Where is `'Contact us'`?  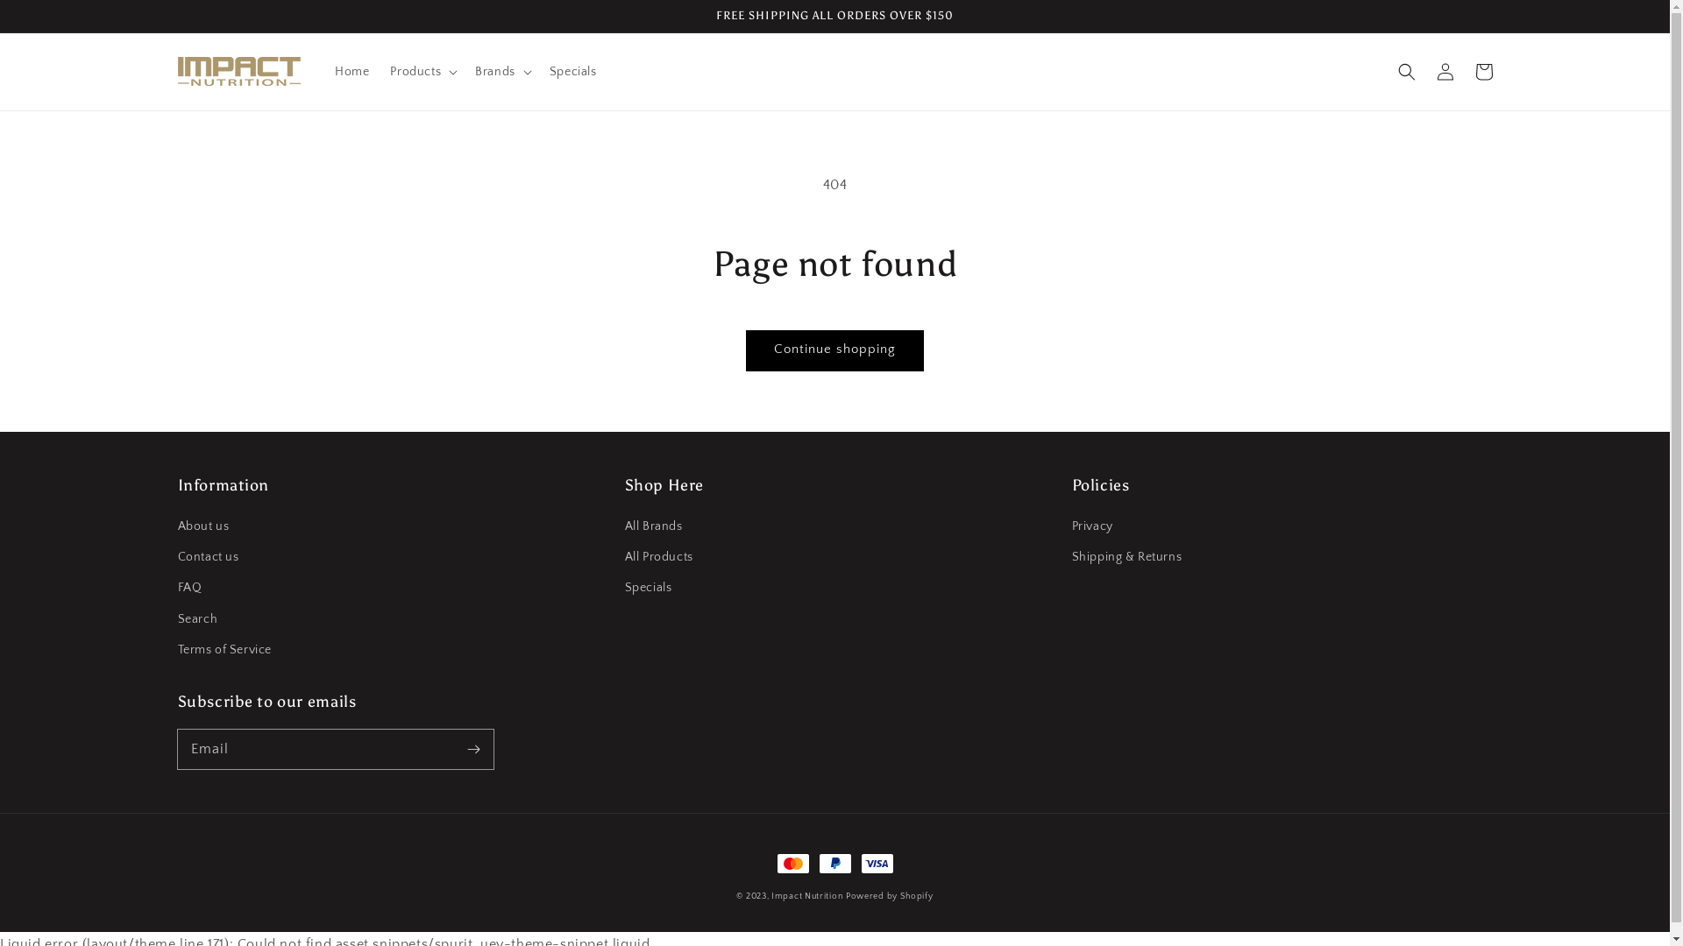
'Contact us' is located at coordinates (207, 557).